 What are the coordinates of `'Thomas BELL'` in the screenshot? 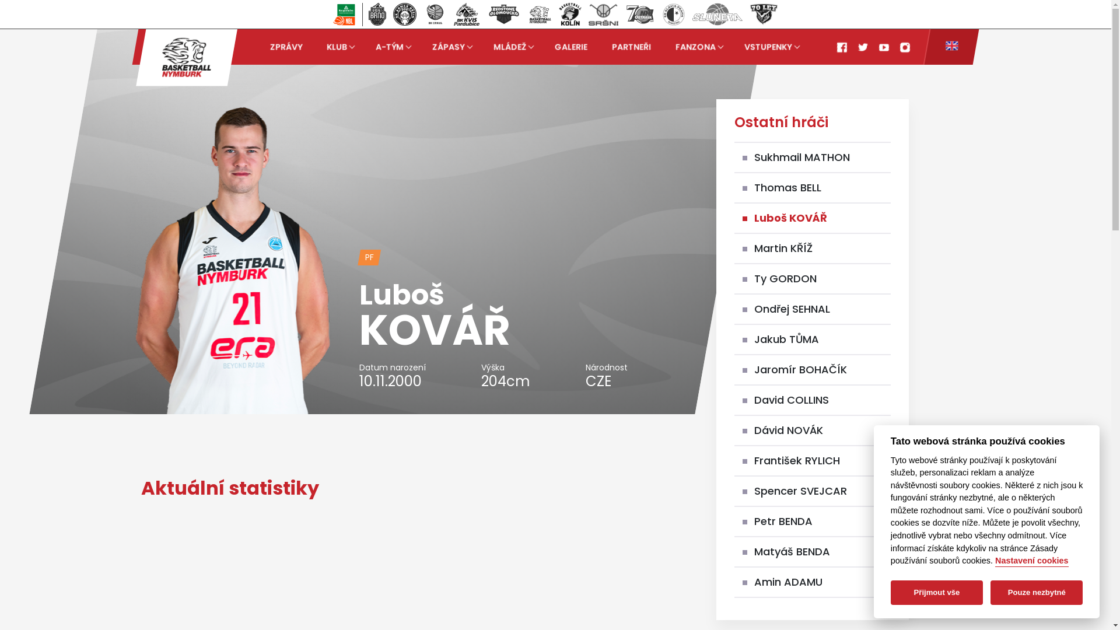 It's located at (787, 187).